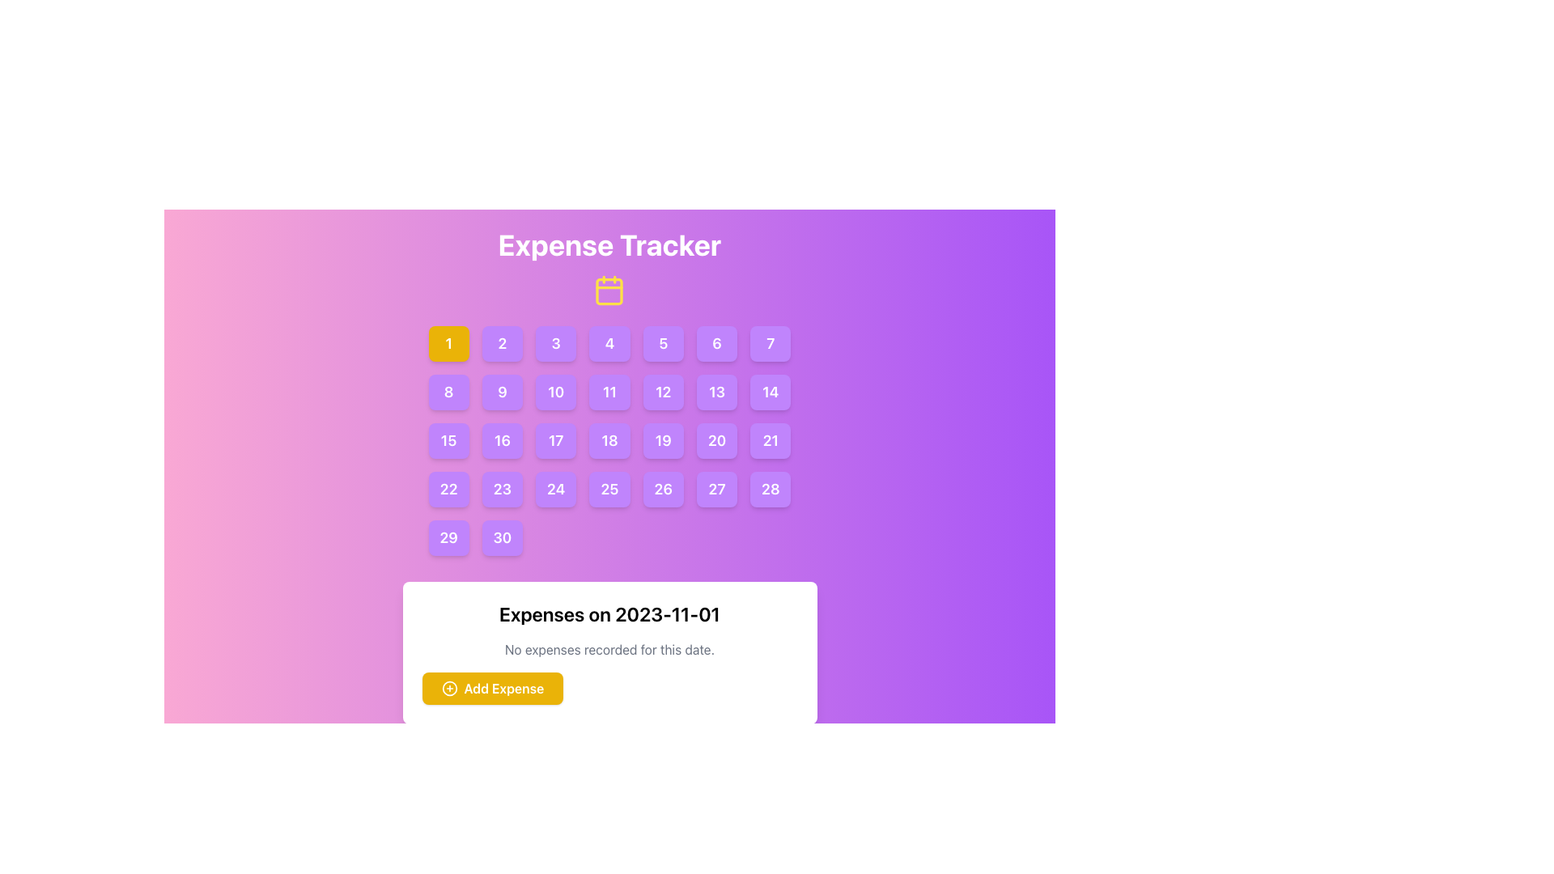 Image resolution: width=1554 pixels, height=874 pixels. What do you see at coordinates (448, 440) in the screenshot?
I see `the button representing the day in the calendar grid located in the third row and first column, underneath the 'Expense Tracker' title` at bounding box center [448, 440].